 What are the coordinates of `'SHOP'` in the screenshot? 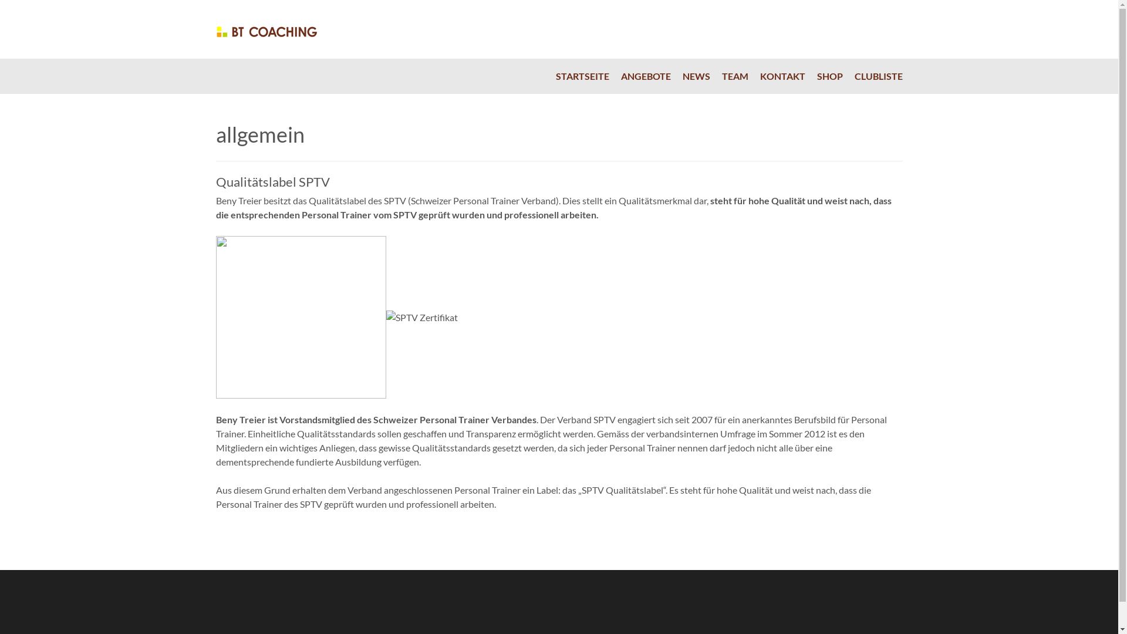 It's located at (811, 76).